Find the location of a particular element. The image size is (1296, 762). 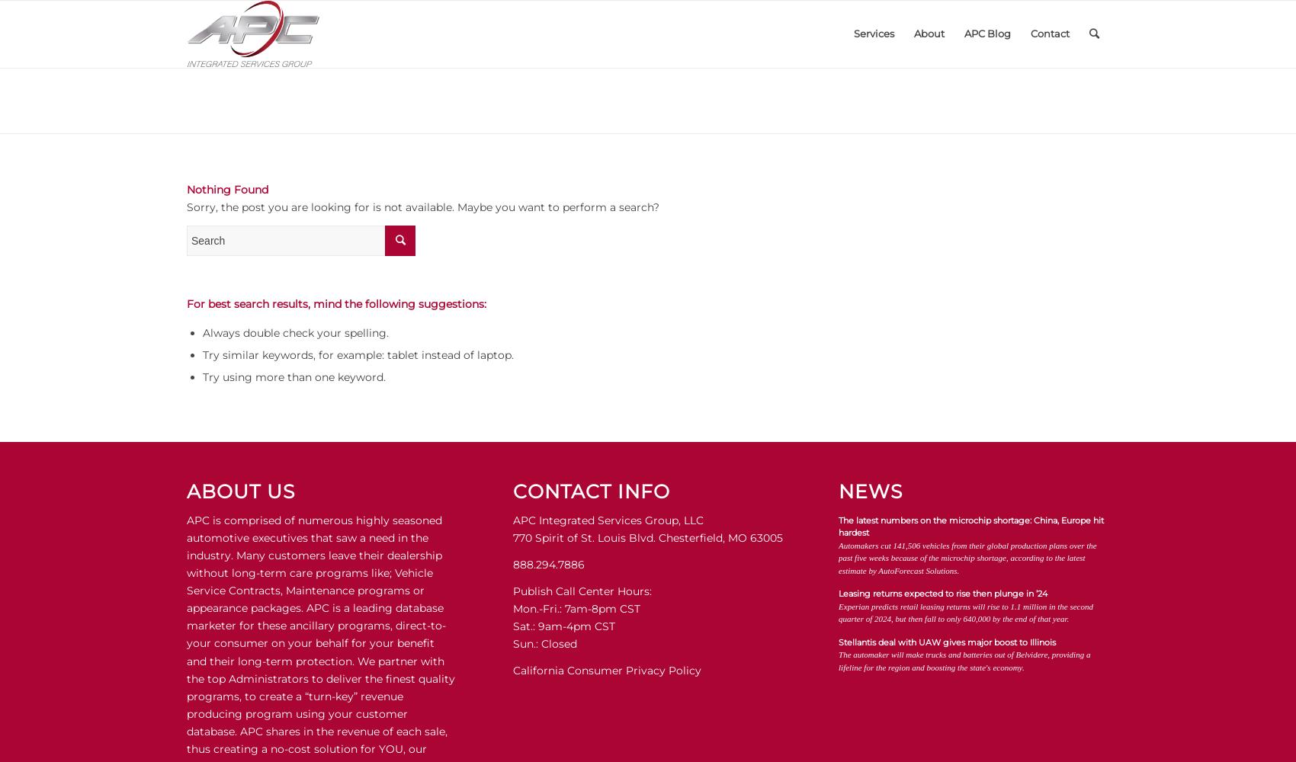

'APC Integrated Services Group, LLC' is located at coordinates (606, 520).